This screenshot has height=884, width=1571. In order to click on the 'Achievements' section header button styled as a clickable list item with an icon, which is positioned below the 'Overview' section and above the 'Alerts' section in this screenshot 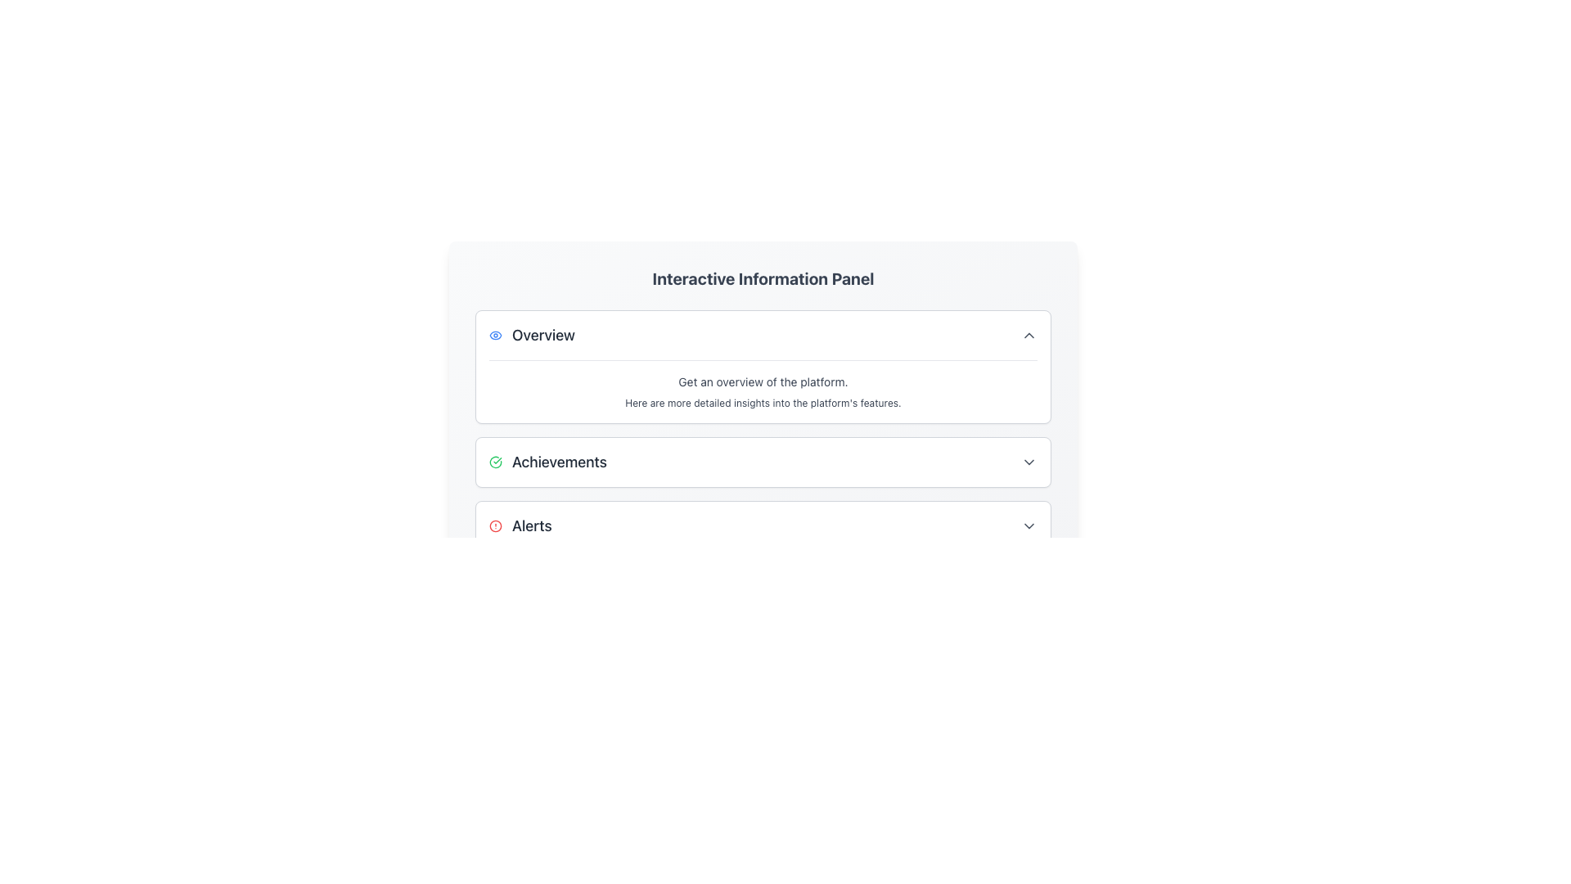, I will do `click(547, 462)`.